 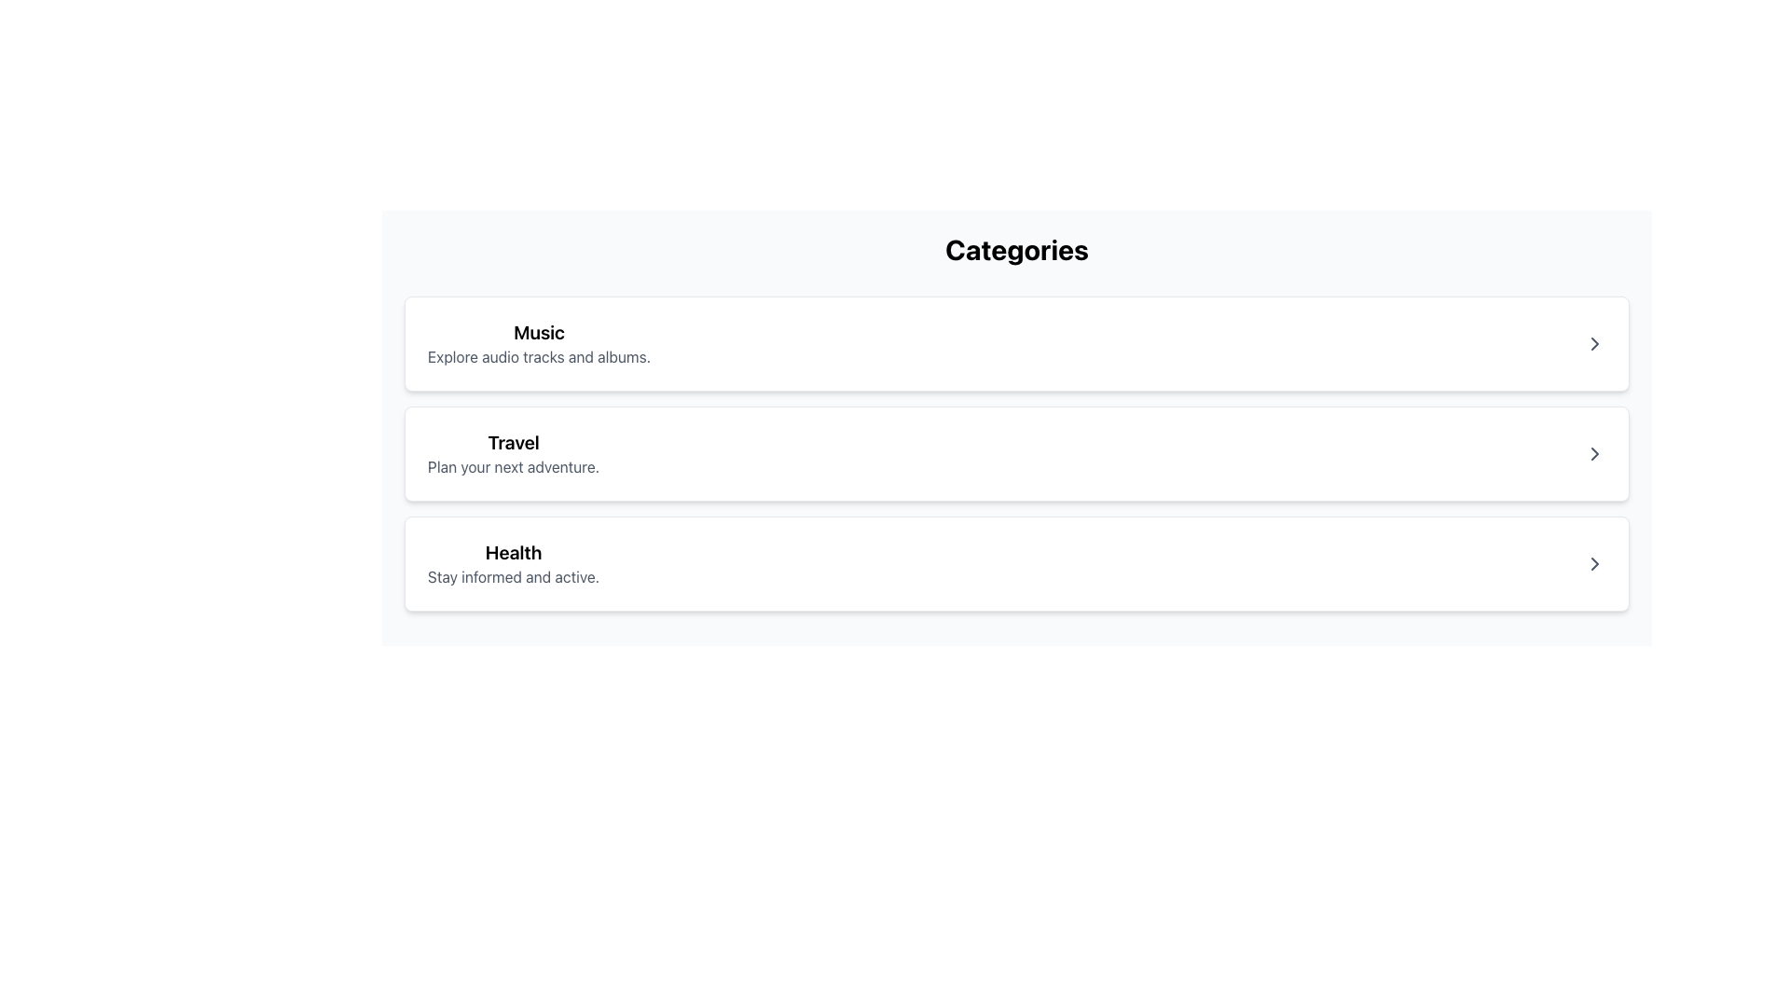 What do you see at coordinates (1593, 344) in the screenshot?
I see `the Chevron Icon (SVG graphic) located at the far right of the 'Music' list category, indicating more details or actions are available` at bounding box center [1593, 344].